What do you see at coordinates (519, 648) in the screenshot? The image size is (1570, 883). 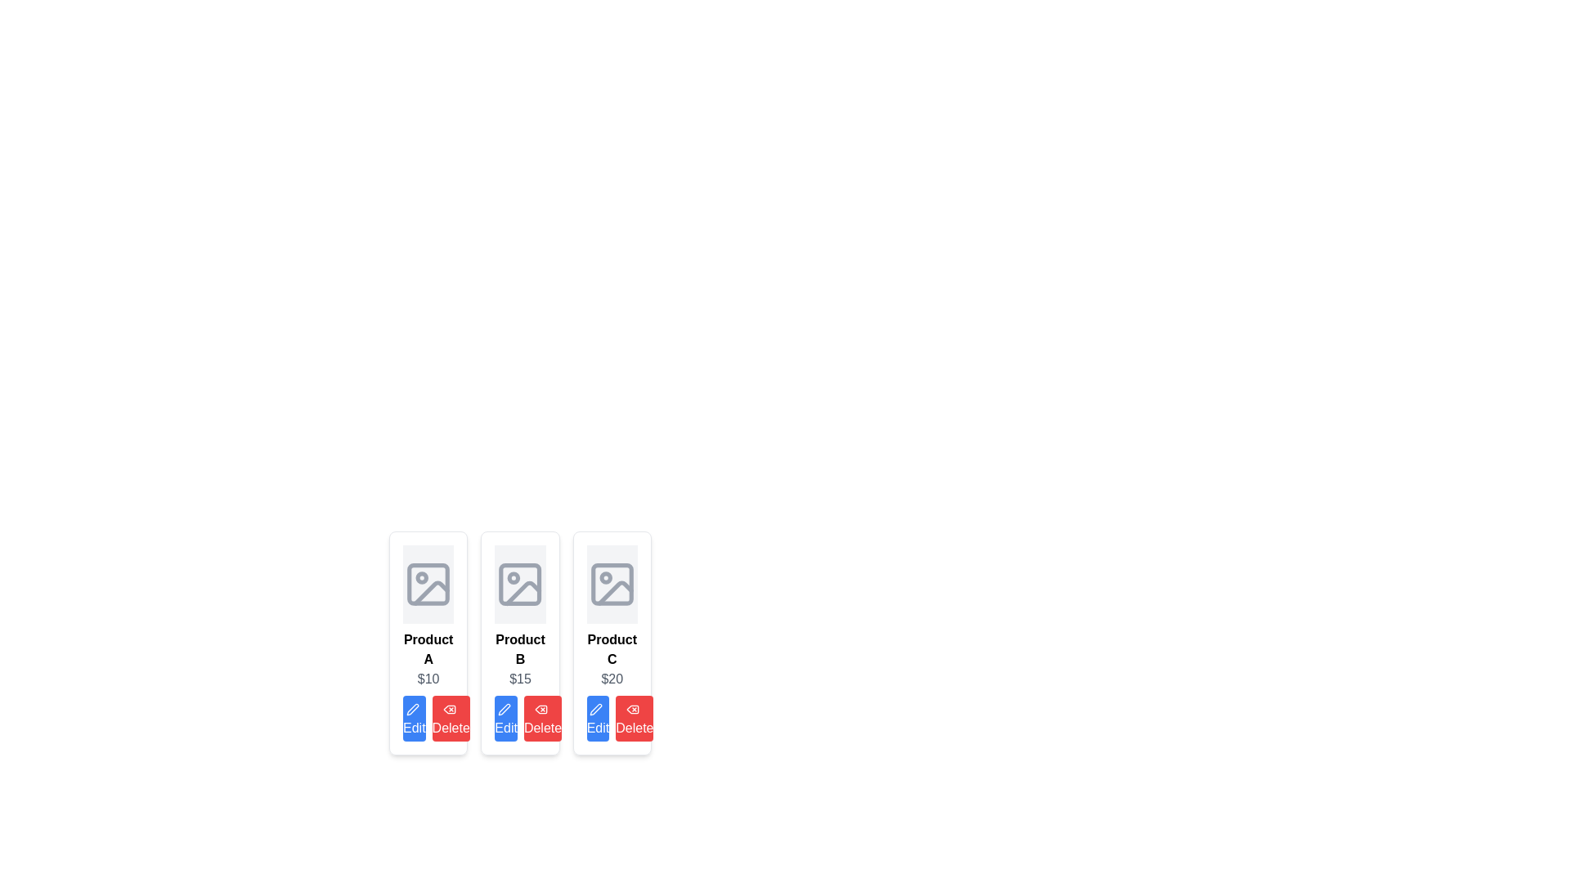 I see `text label displaying the name of the product, which is the title of the middle card in a row of three product cards, located beneath the product image and above the price and action buttons` at bounding box center [519, 648].